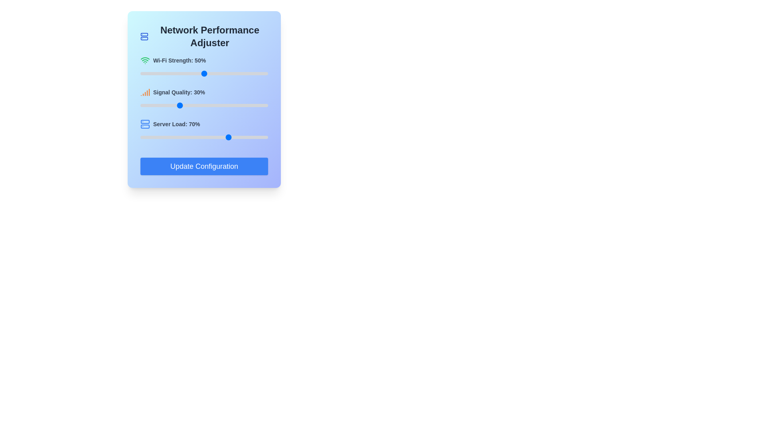 The height and width of the screenshot is (430, 766). What do you see at coordinates (219, 74) in the screenshot?
I see `Wi-Fi strength` at bounding box center [219, 74].